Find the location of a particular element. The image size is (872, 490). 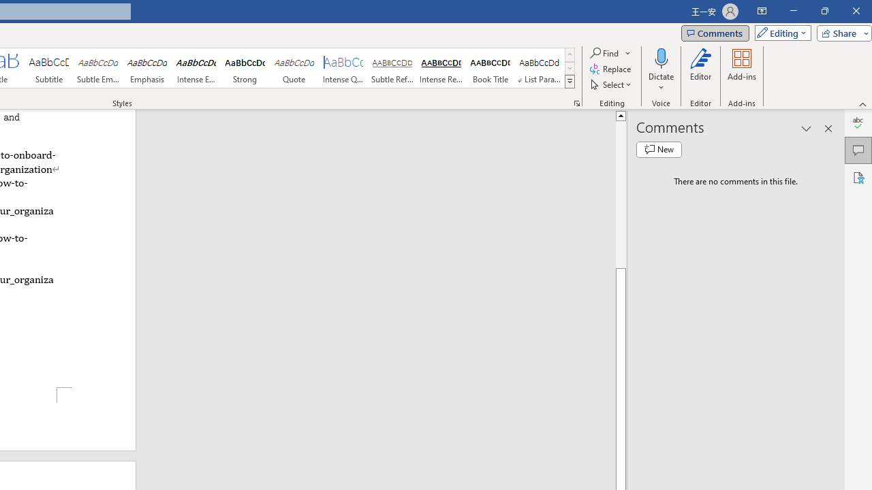

'Select' is located at coordinates (611, 84).